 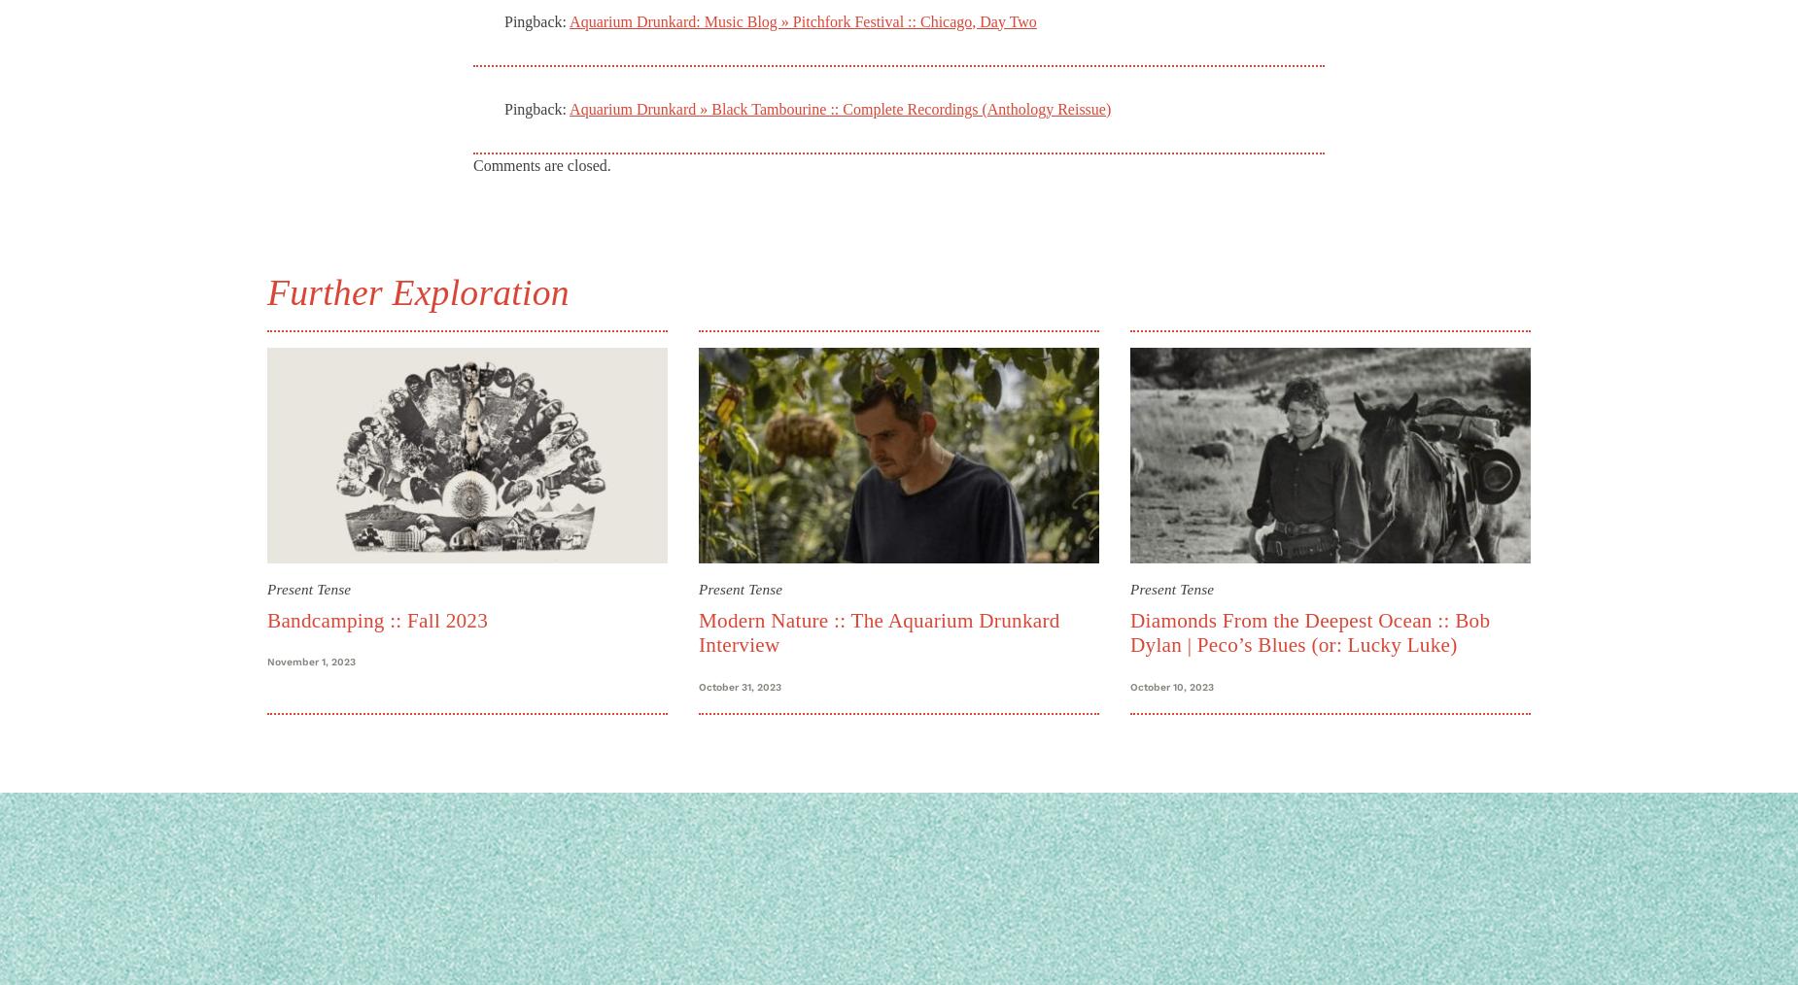 I want to click on 'Further Exploration', so click(x=416, y=291).